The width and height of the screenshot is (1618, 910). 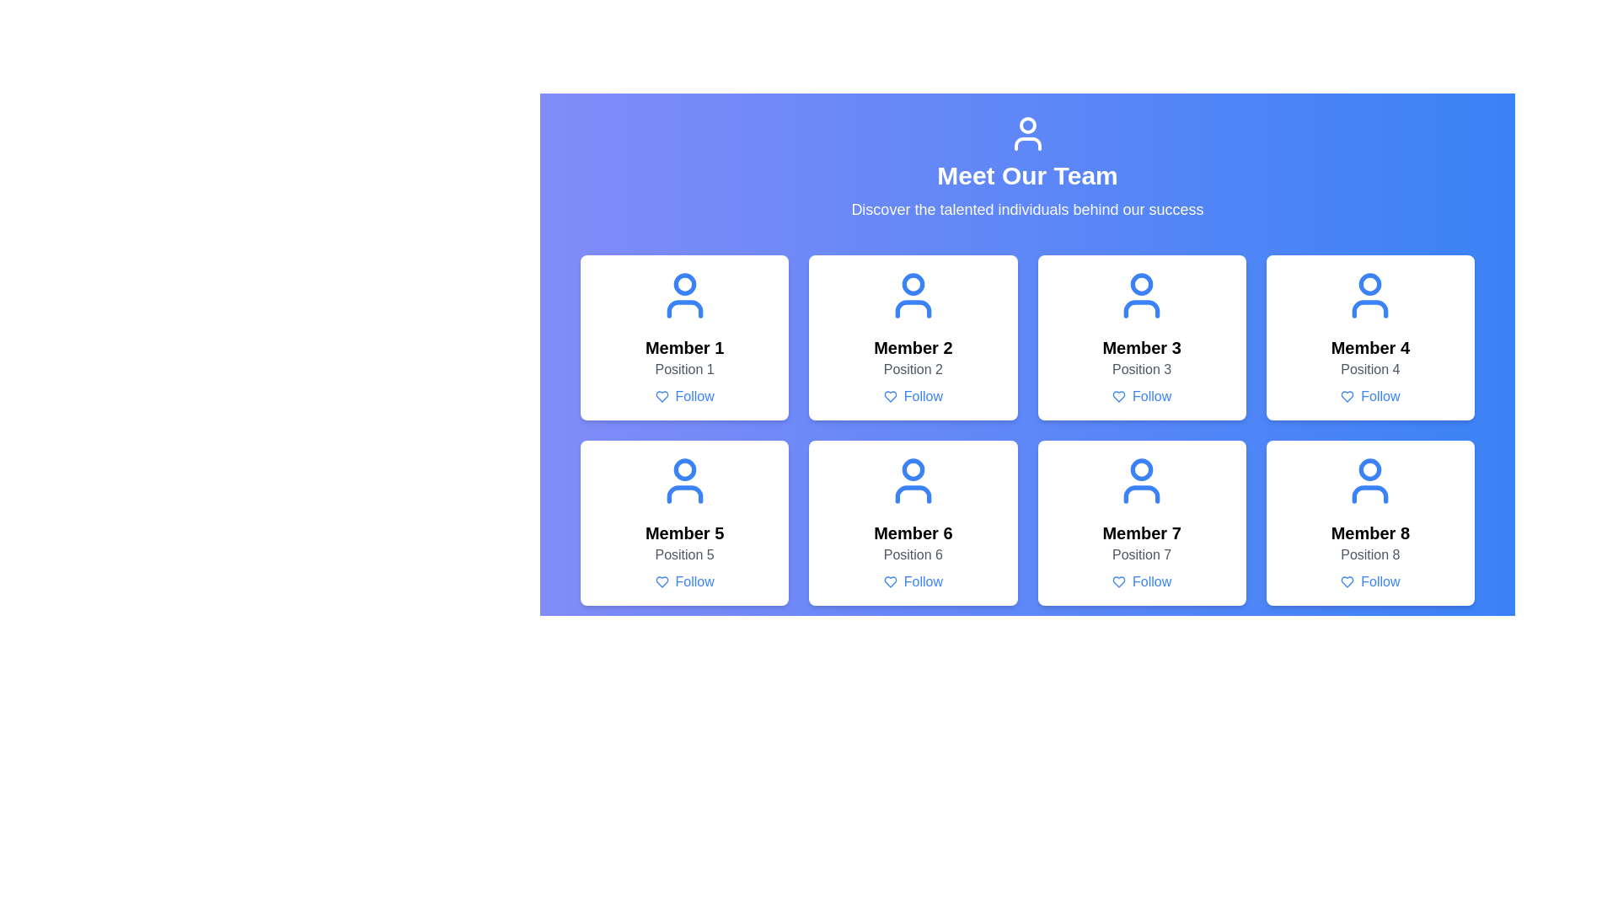 I want to click on the heart icon located within the 'Follow' button of the profile card for 'Member 5', which serves as a visual indicator for liking or favoring a user profile, so click(x=661, y=581).